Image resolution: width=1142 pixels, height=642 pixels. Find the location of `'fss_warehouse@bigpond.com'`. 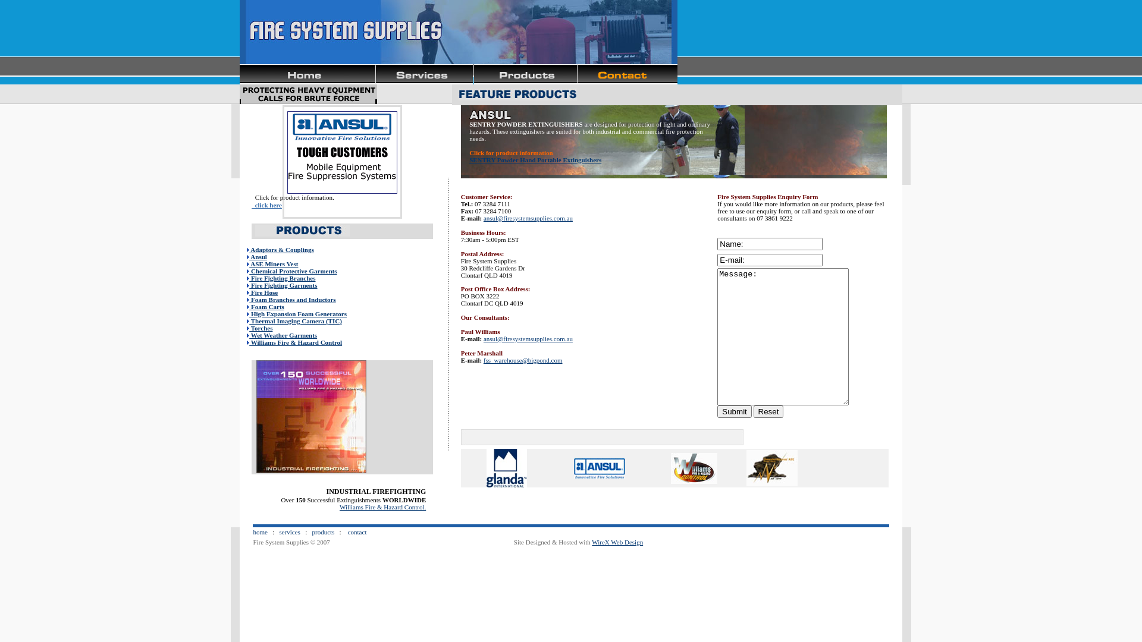

'fss_warehouse@bigpond.com' is located at coordinates (483, 359).